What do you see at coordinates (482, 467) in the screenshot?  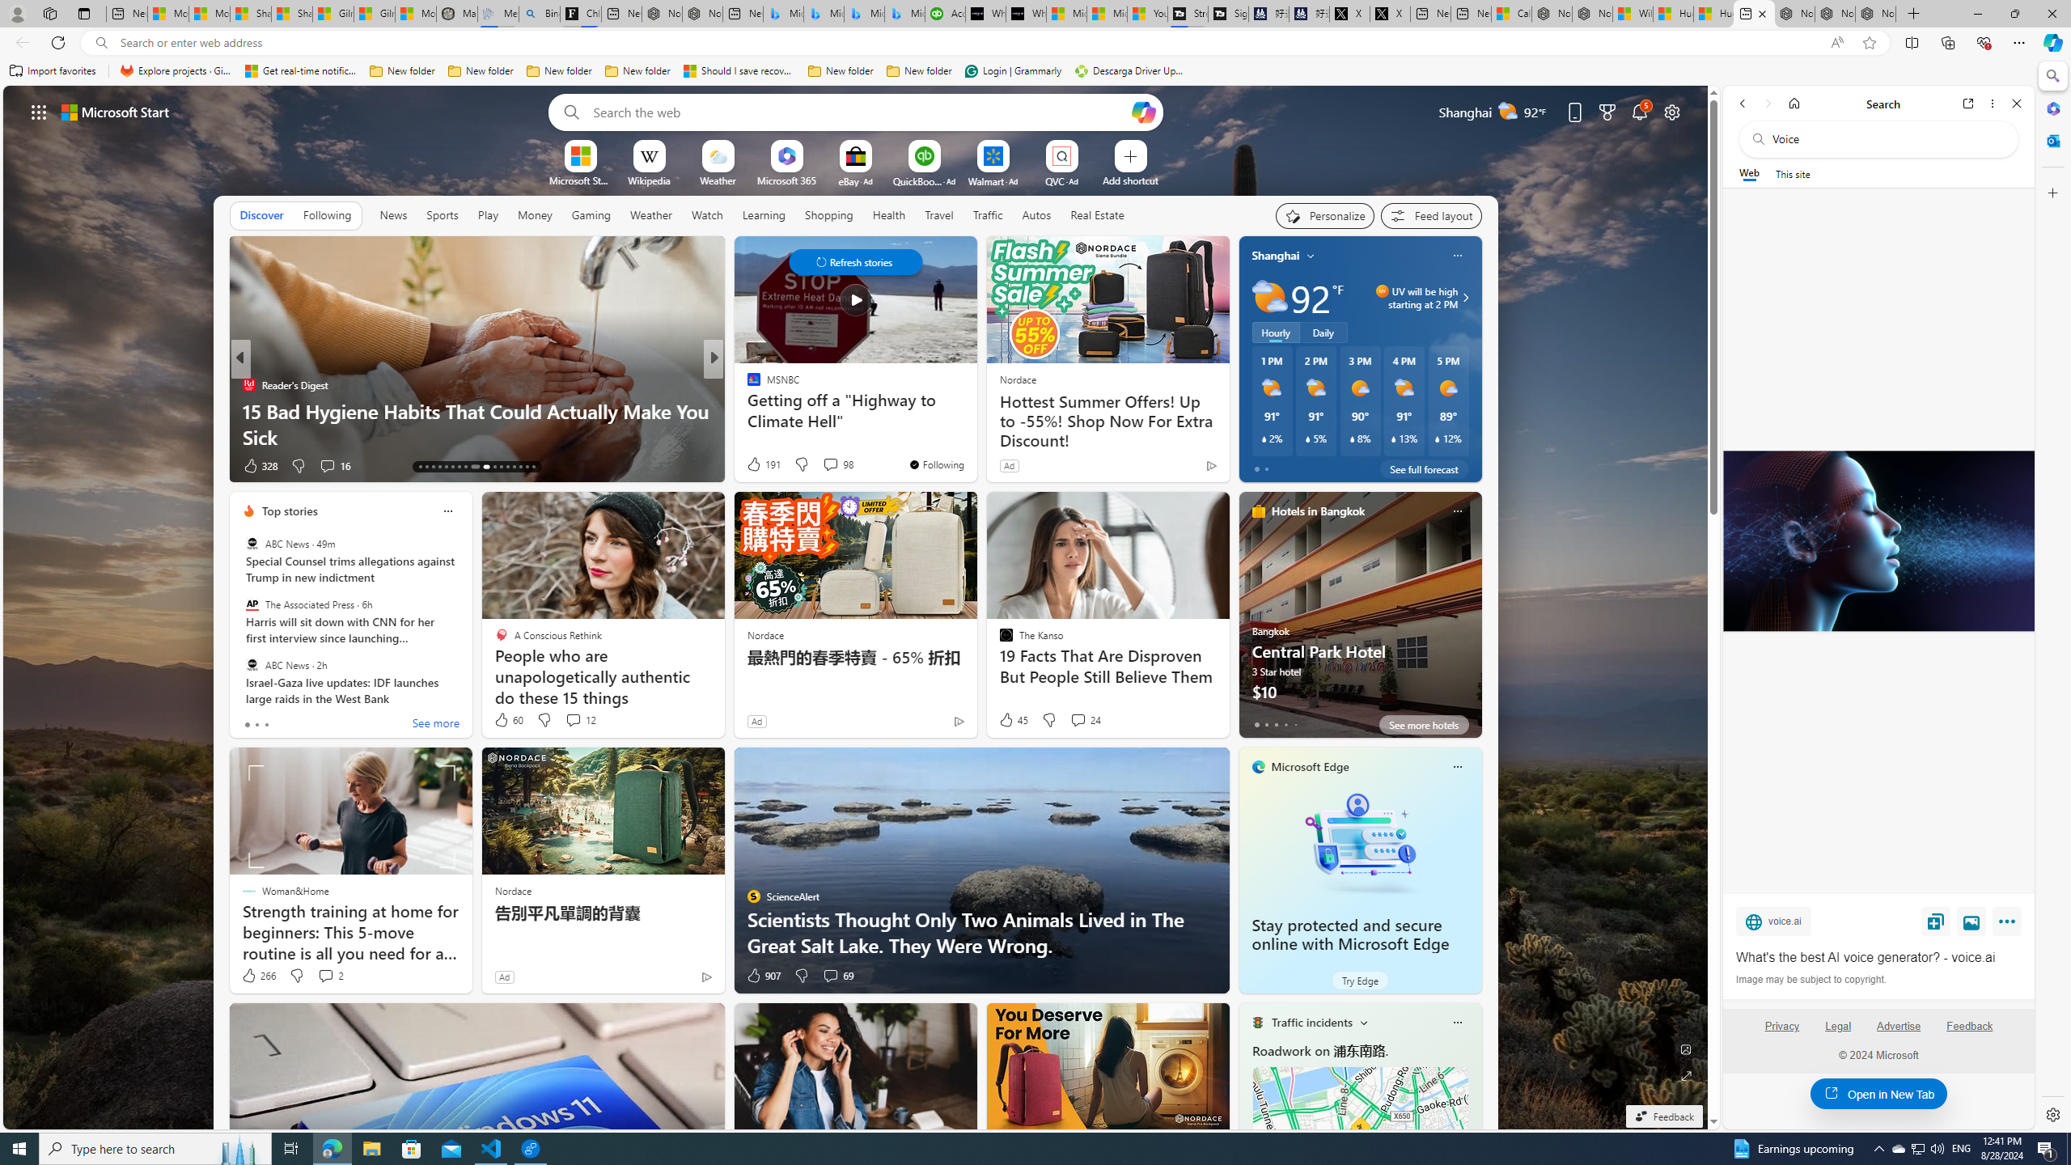 I see `'AutomationID: tab-22'` at bounding box center [482, 467].